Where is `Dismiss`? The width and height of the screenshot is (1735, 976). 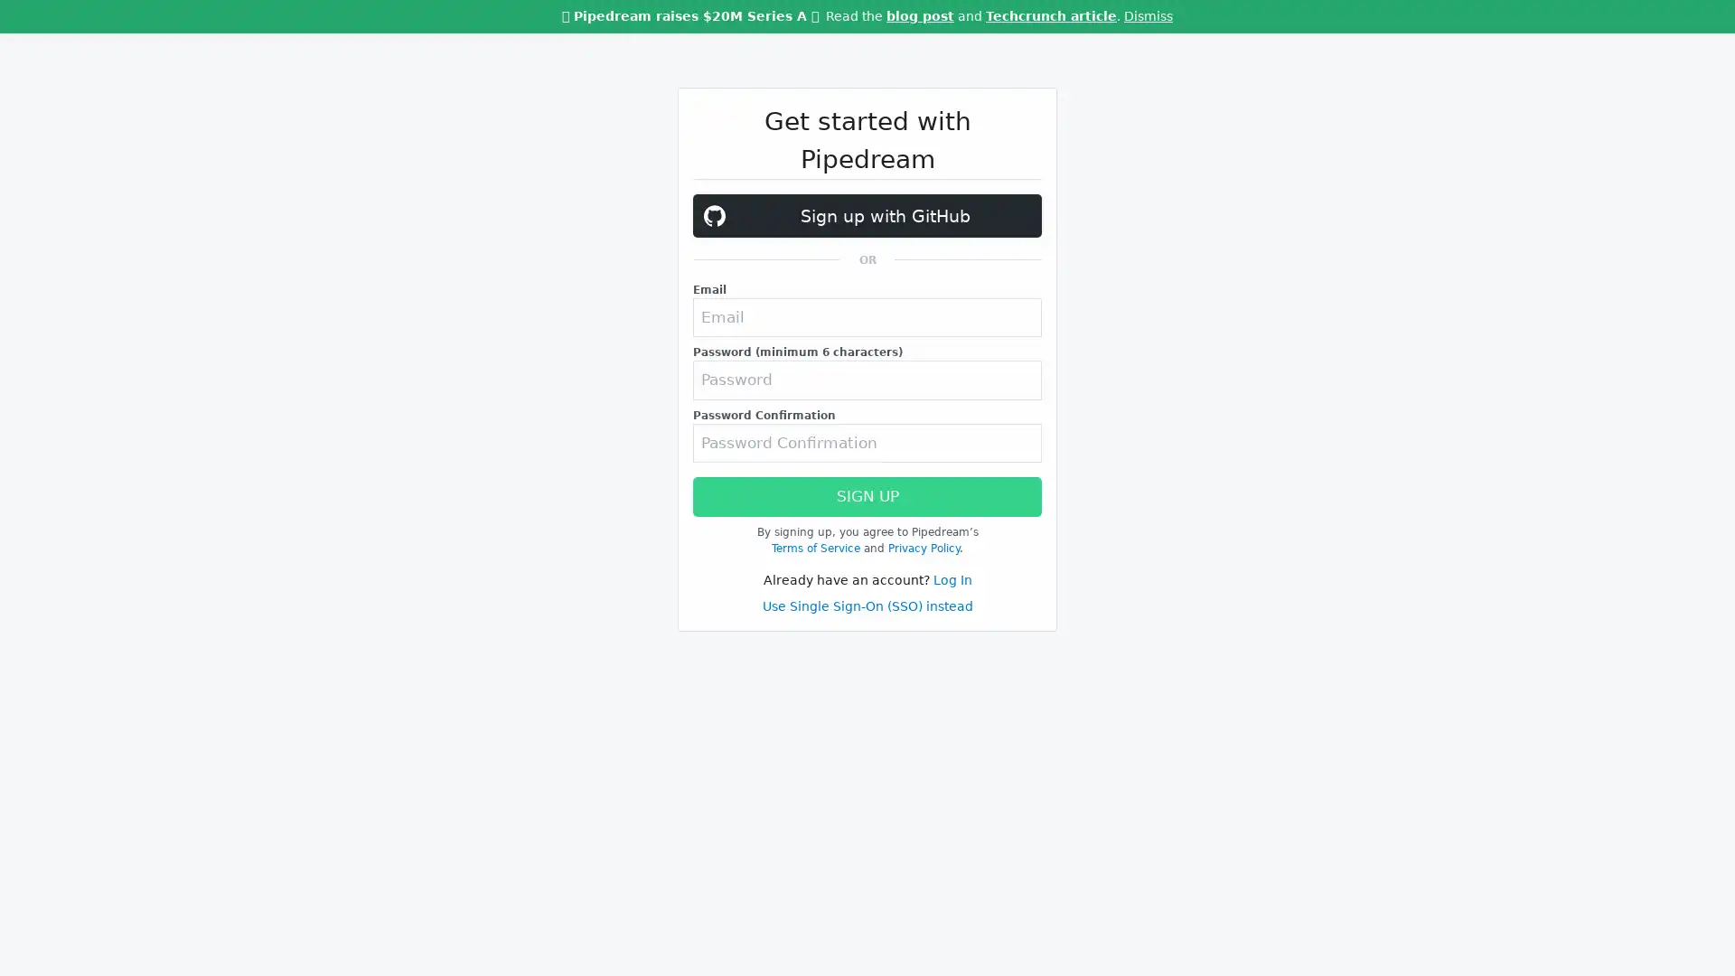
Dismiss is located at coordinates (1148, 16).